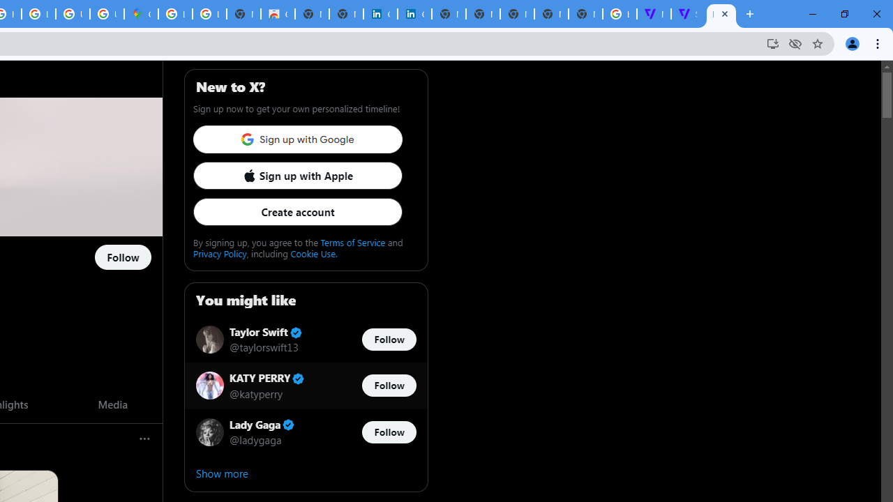  I want to click on 'Miley Cyrus (@MileyCyrus) / X', so click(721, 14).